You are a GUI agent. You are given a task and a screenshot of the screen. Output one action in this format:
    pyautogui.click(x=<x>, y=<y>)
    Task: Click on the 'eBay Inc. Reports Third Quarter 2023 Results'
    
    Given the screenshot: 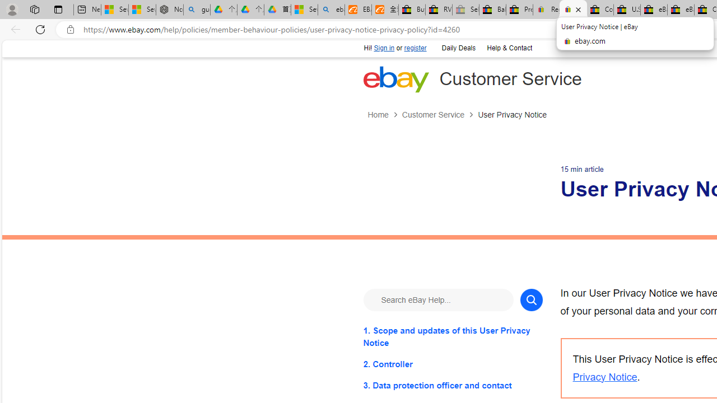 What is the action you would take?
    pyautogui.click(x=680, y=10)
    